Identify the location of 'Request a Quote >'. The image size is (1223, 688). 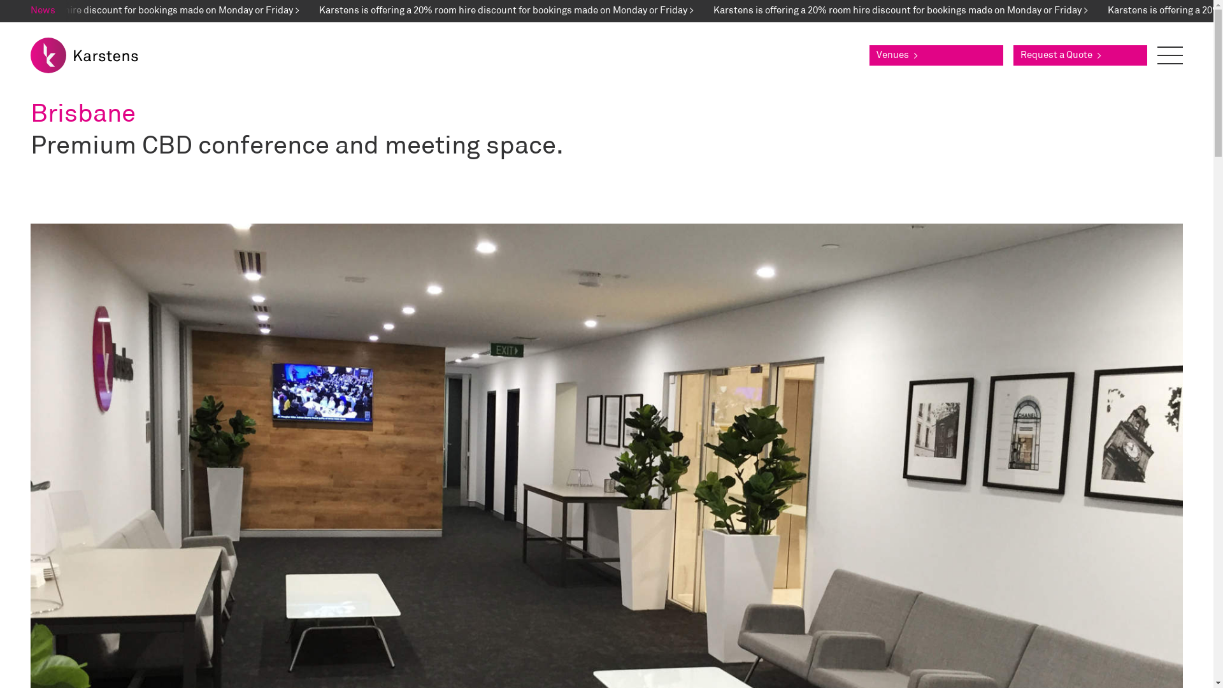
(1079, 55).